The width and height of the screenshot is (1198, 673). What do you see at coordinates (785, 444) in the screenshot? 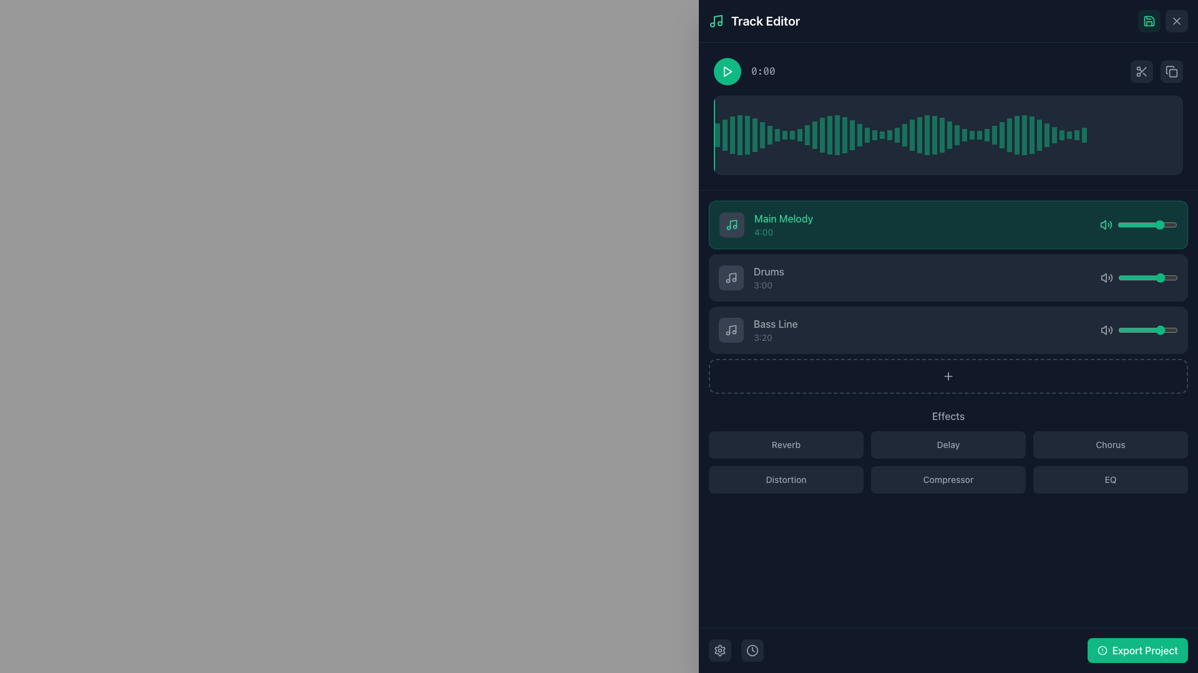
I see `the 'Reverb' button located in the top-left corner of the effects grid` at bounding box center [785, 444].